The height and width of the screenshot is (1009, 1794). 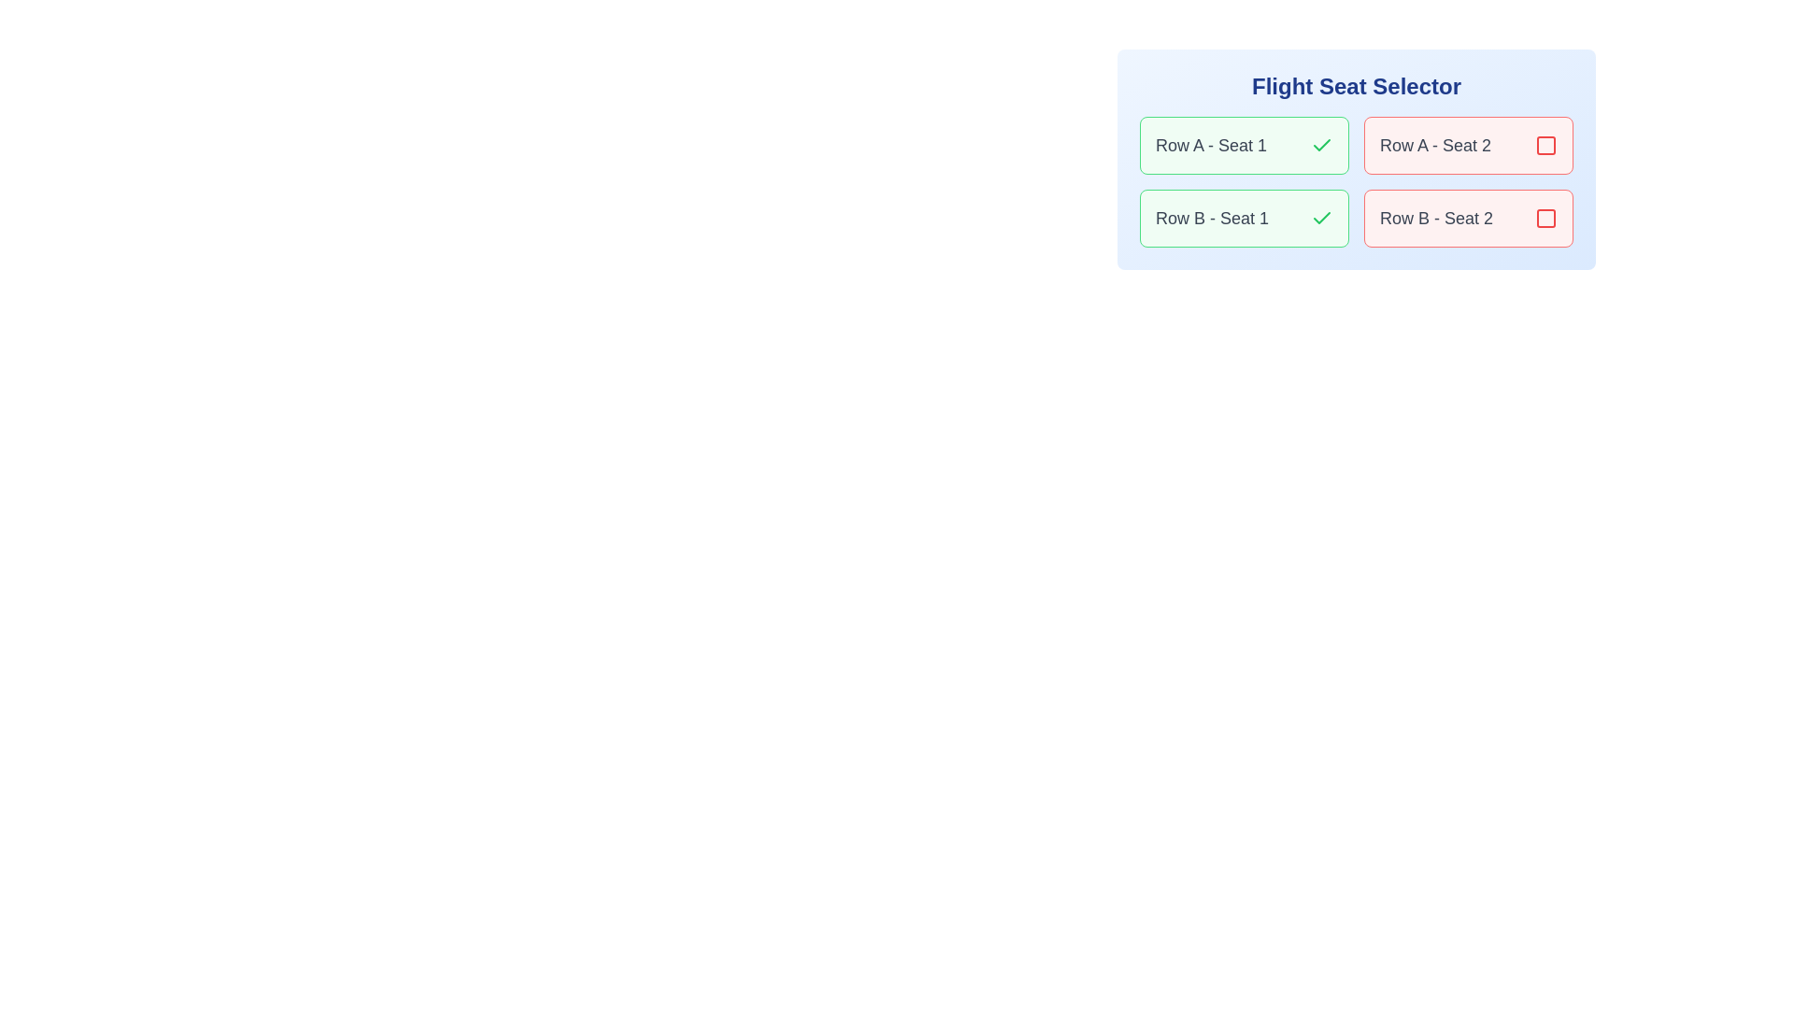 I want to click on the bold, centered text displaying 'Flight Seat Selector' in a large, blue font, positioned at the top of the card layout, so click(x=1356, y=86).